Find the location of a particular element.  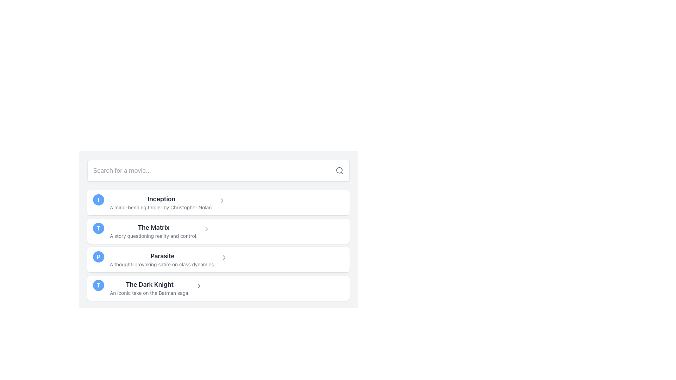

the arrow icon at the rightmost end of the movie 'Parasite' list entry is located at coordinates (224, 258).